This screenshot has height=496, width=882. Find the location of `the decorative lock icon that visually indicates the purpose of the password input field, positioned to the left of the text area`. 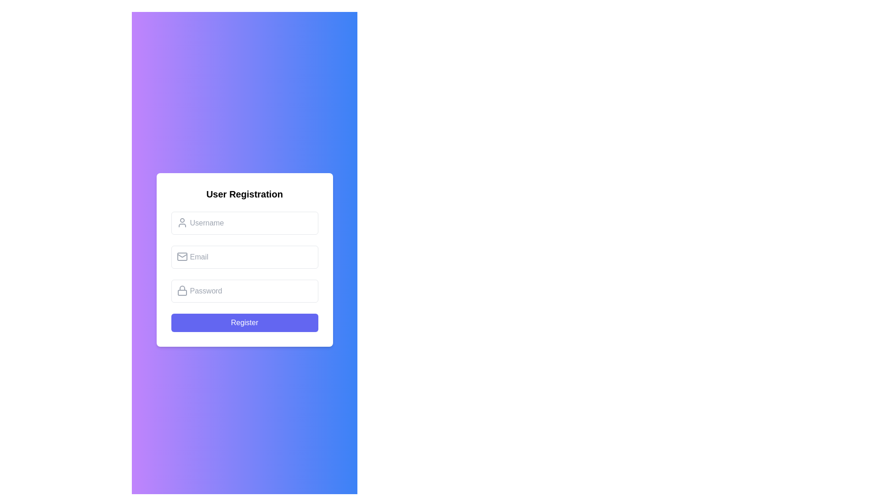

the decorative lock icon that visually indicates the purpose of the password input field, positioned to the left of the text area is located at coordinates (182, 290).